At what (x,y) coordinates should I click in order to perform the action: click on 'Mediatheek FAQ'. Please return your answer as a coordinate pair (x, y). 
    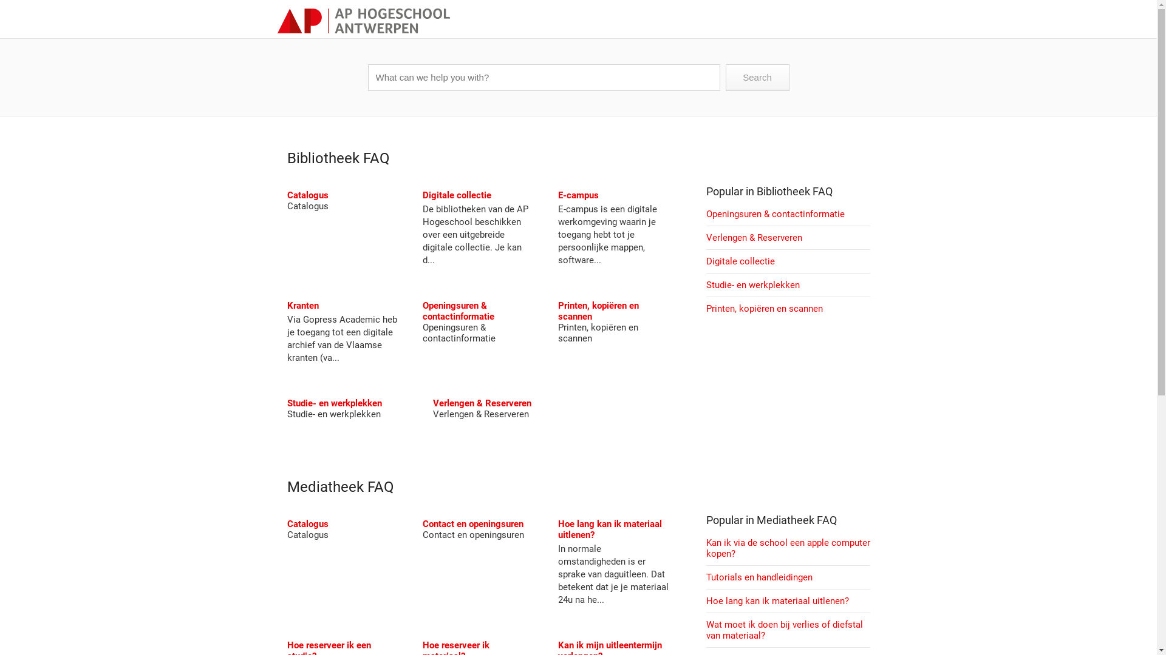
    Looking at the image, I should click on (285, 486).